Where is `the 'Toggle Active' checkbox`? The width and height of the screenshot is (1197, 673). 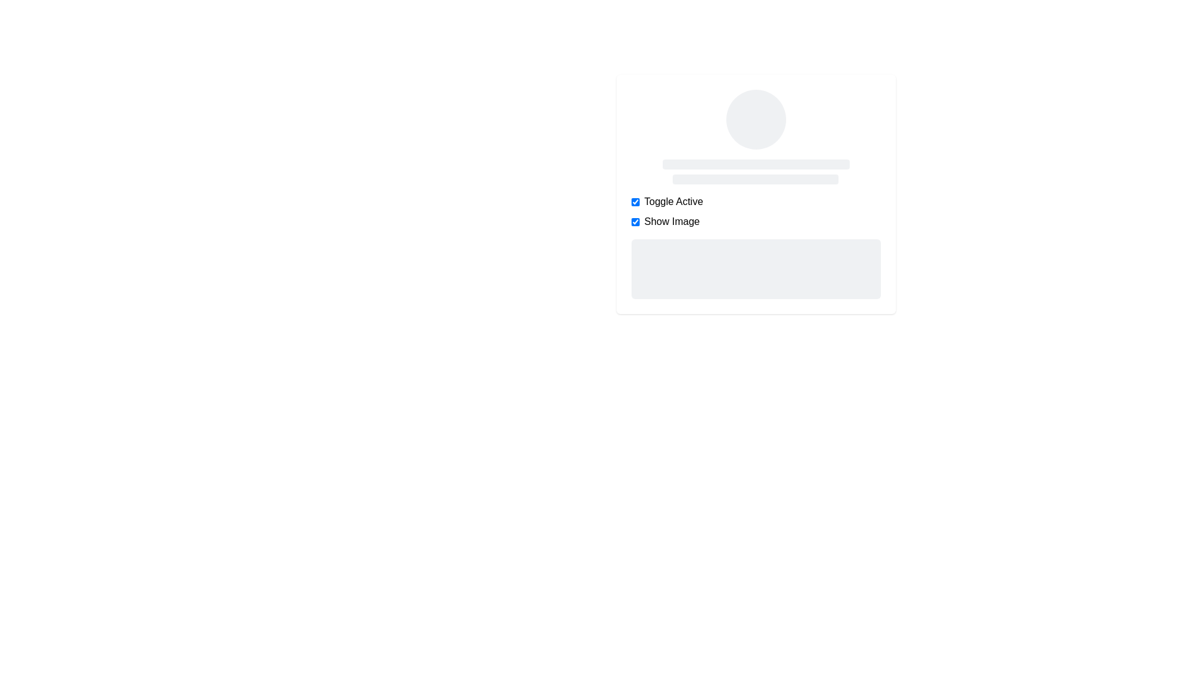
the 'Toggle Active' checkbox is located at coordinates (635, 201).